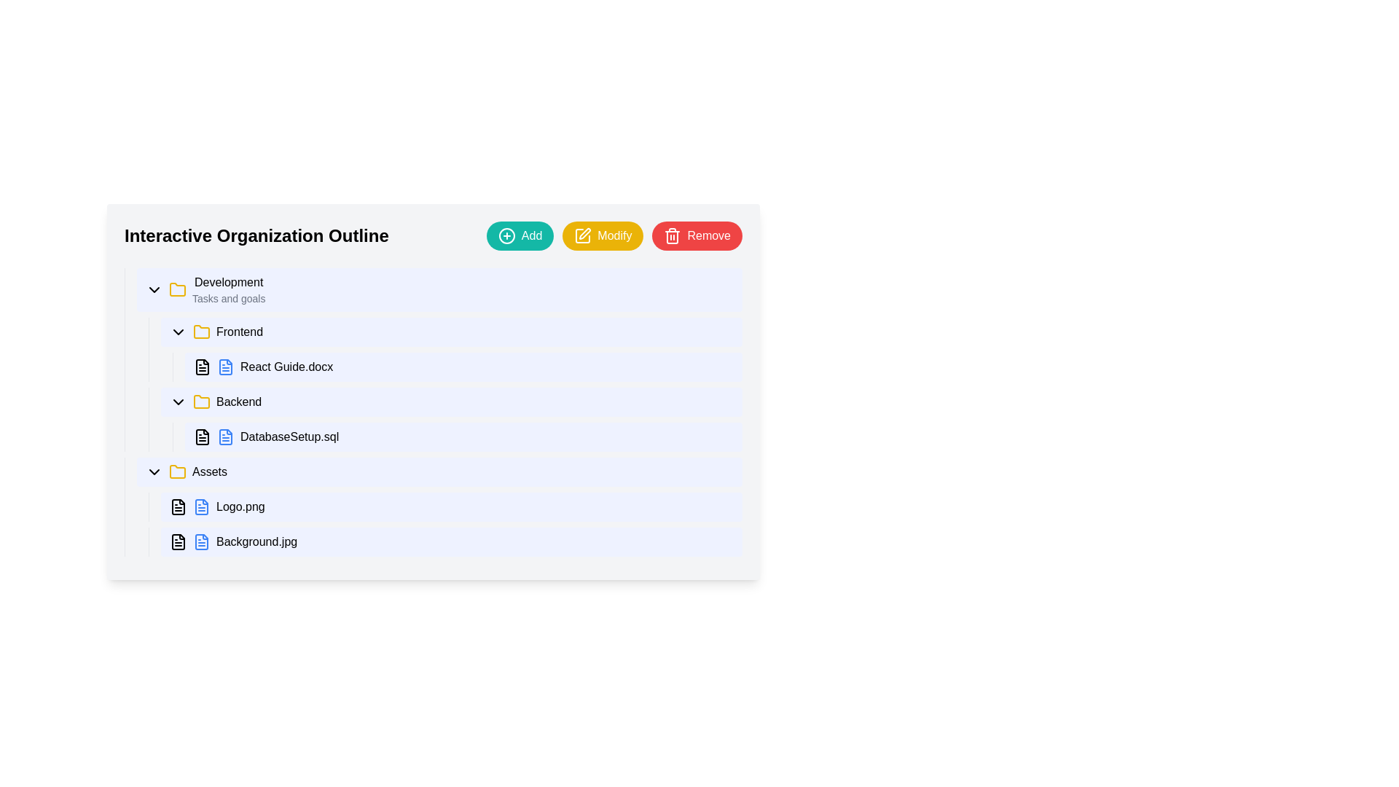  I want to click on the SVG-based icon representing the 'Logo.png' file from the 'Assets' directory, so click(177, 506).